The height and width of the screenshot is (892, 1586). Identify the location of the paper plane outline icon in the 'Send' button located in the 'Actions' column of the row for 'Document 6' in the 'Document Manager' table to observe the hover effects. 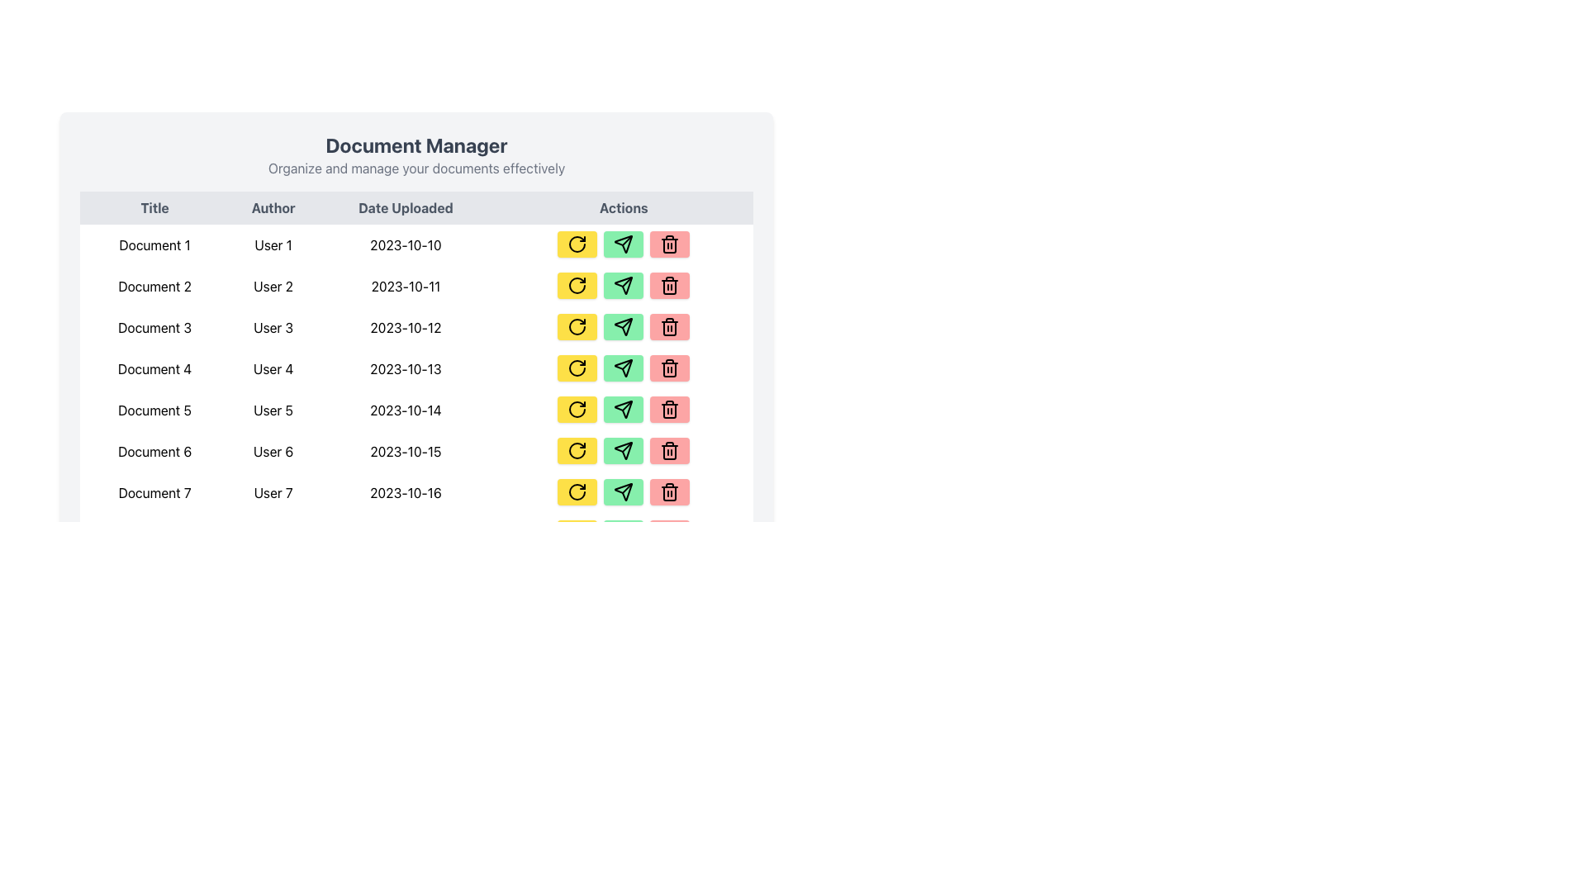
(623, 451).